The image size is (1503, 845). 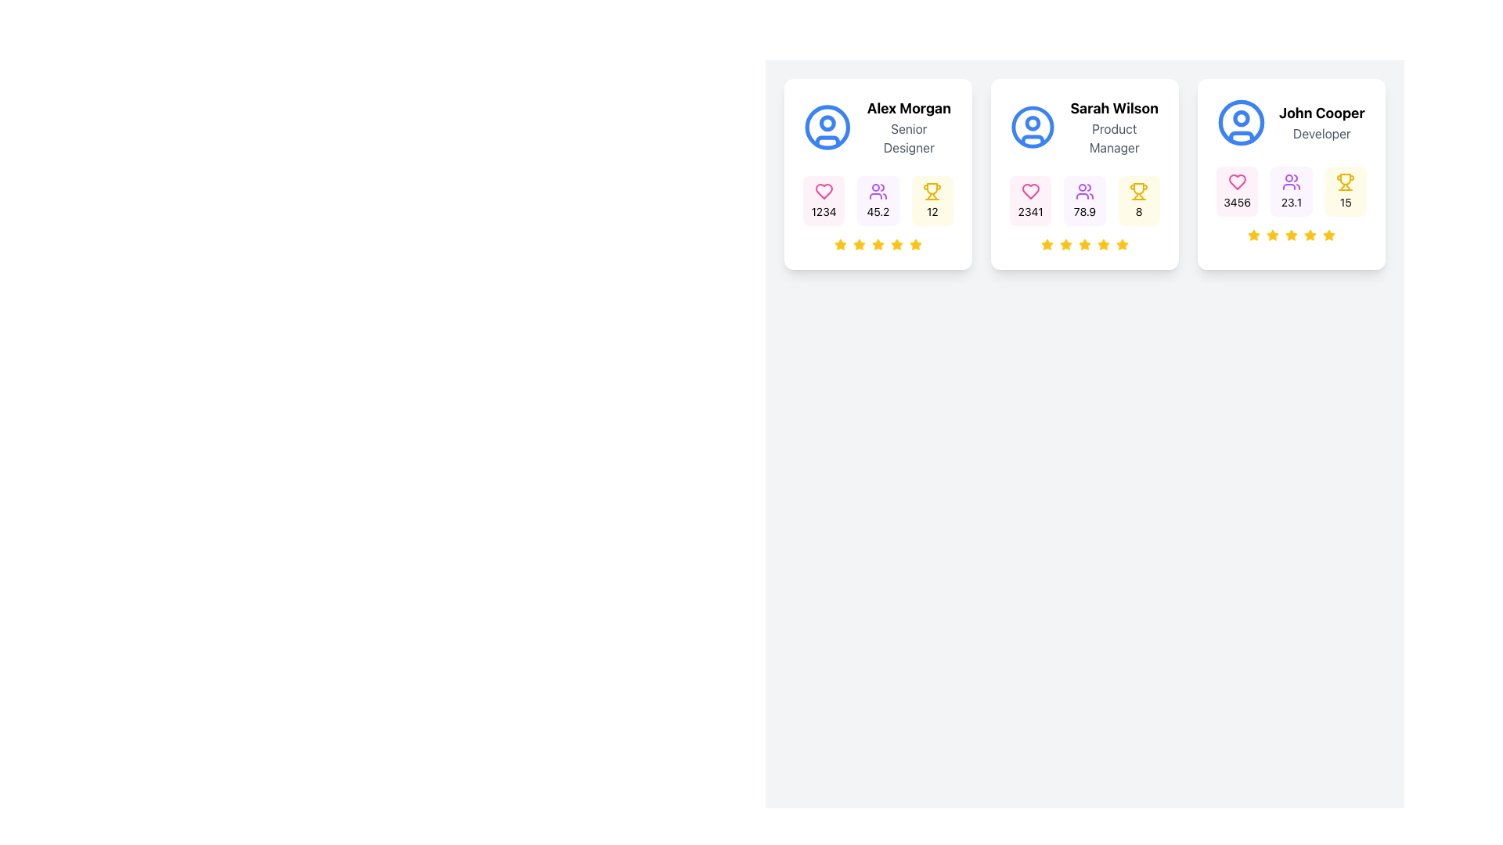 What do you see at coordinates (1328, 235) in the screenshot?
I see `the sixth star-shaped rating button in the profile card of 'John Cooper, Developer'` at bounding box center [1328, 235].